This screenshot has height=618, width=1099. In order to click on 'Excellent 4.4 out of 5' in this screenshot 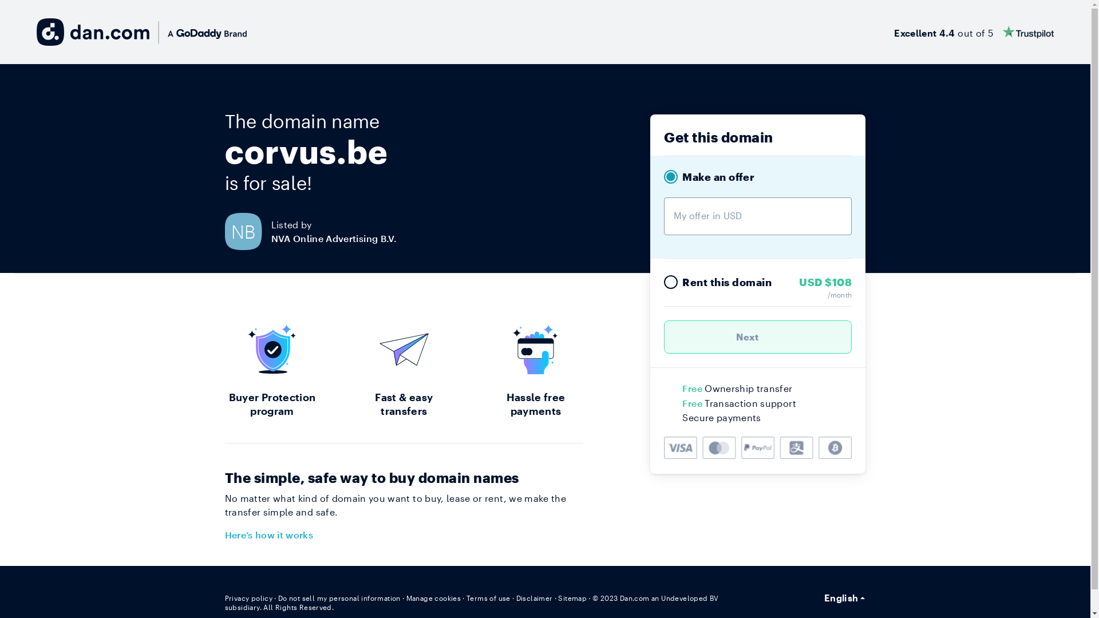, I will do `click(973, 31)`.